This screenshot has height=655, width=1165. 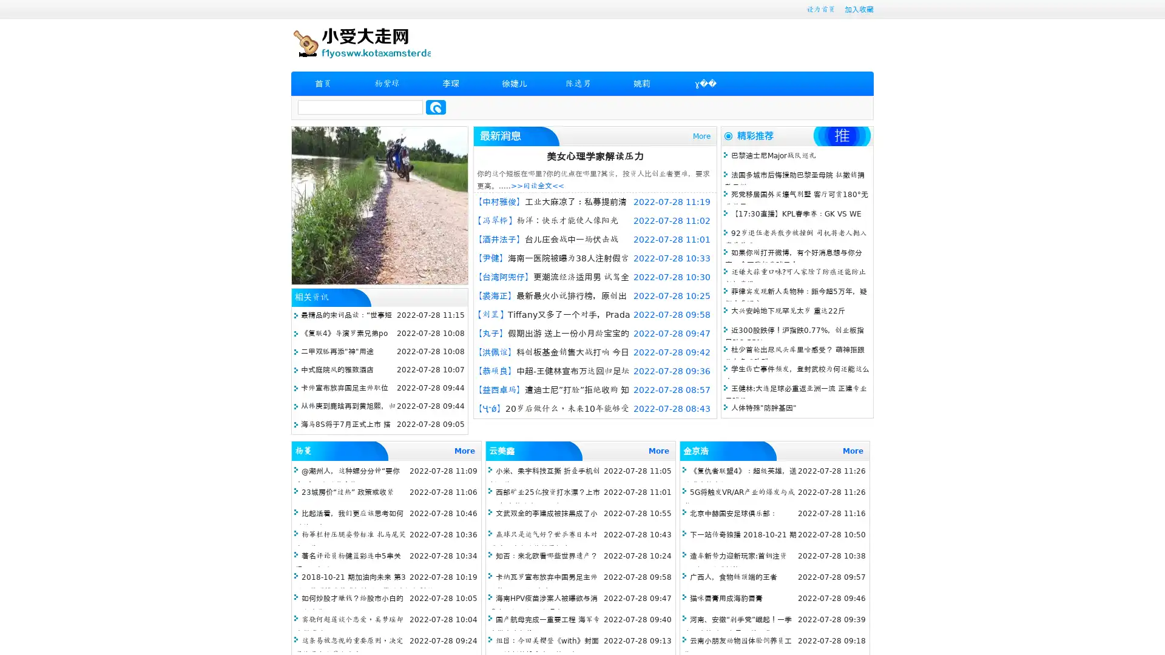 I want to click on Search, so click(x=436, y=107).